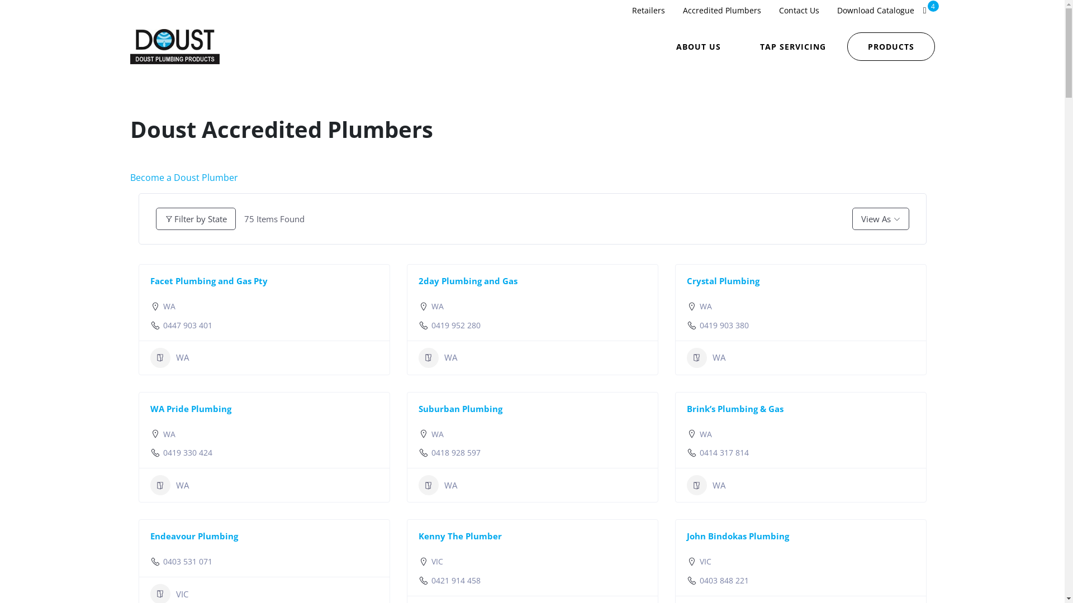  I want to click on 'Download Catalogue', so click(875, 10).